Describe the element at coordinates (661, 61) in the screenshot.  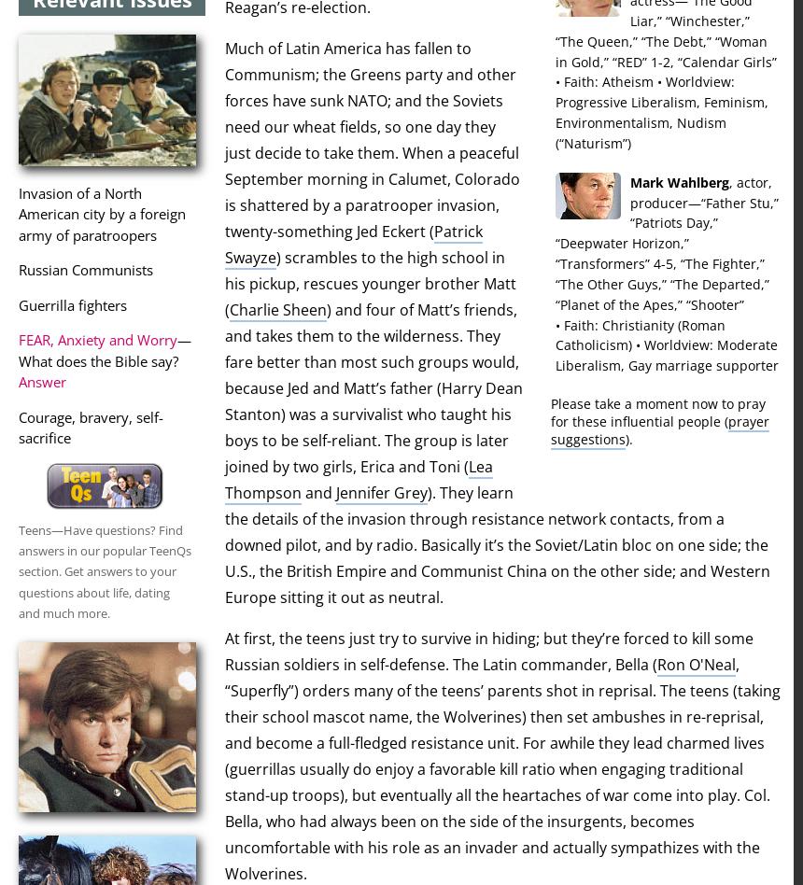
I see `'” 1-2, “'` at that location.